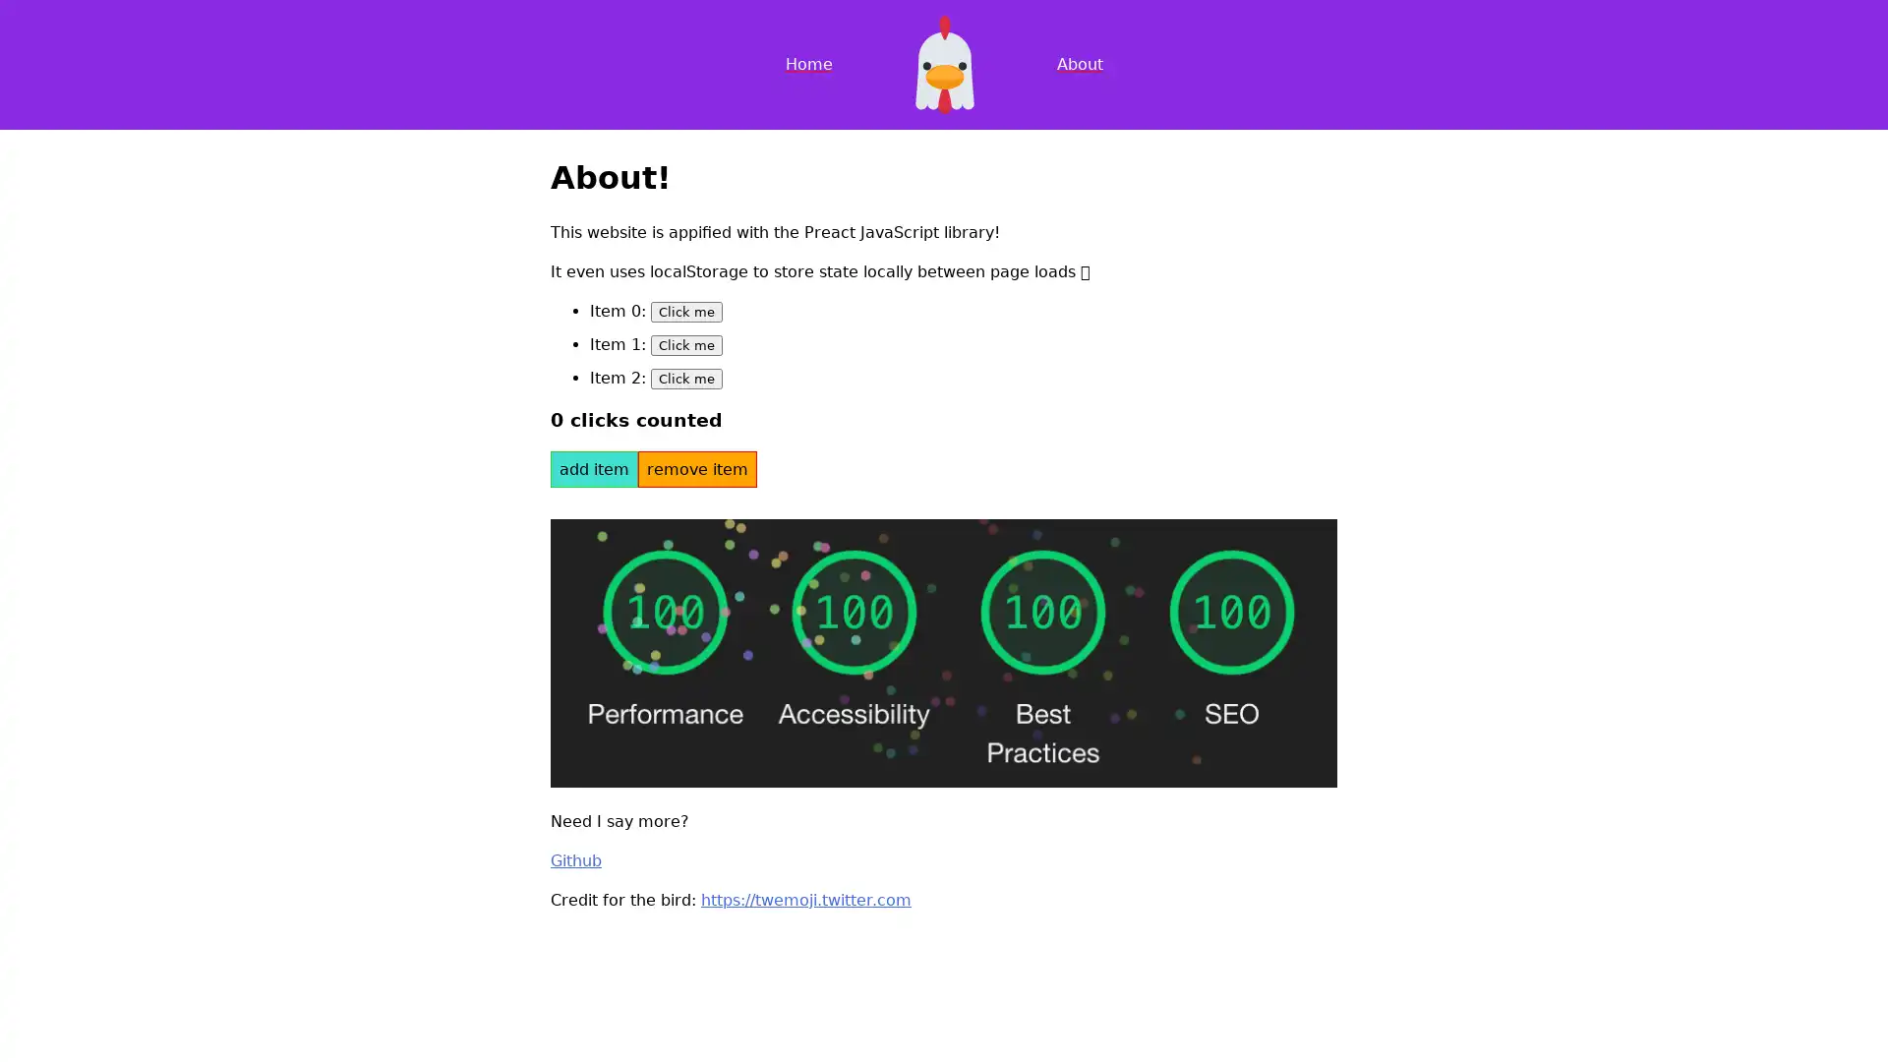 The image size is (1888, 1062). Describe the element at coordinates (593, 468) in the screenshot. I see `add item` at that location.